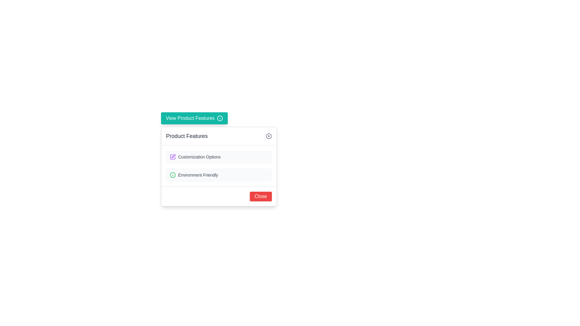 The image size is (580, 326). What do you see at coordinates (268, 136) in the screenshot?
I see `decorative circular icon with a cross mark in the top-right corner of the 'Product Features' popup window` at bounding box center [268, 136].